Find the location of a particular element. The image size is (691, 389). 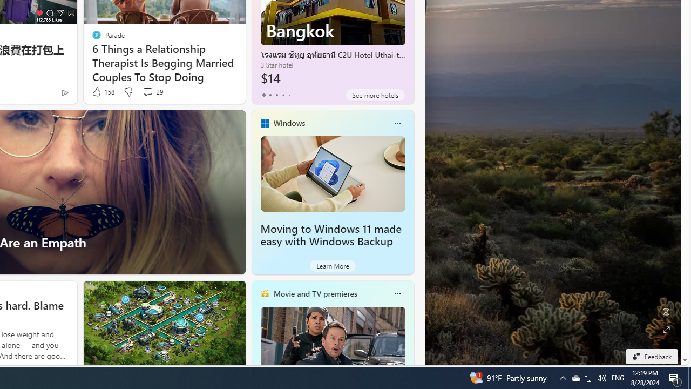

'Ad Choice' is located at coordinates (64, 92).